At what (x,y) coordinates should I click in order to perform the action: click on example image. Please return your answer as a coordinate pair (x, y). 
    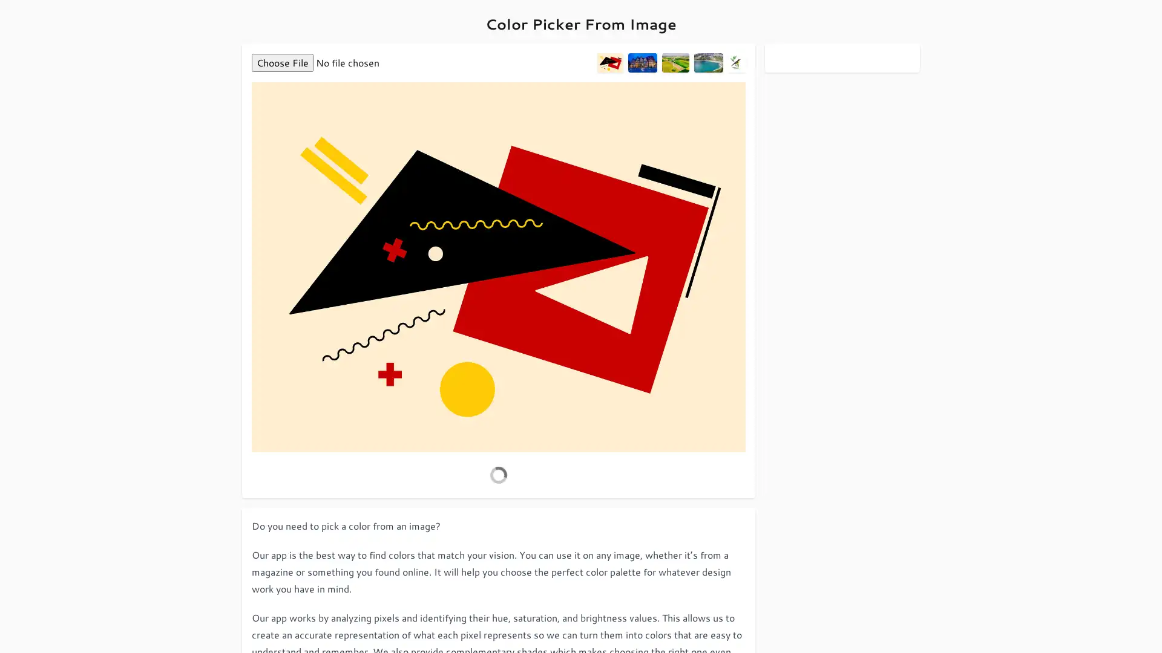
    Looking at the image, I should click on (641, 63).